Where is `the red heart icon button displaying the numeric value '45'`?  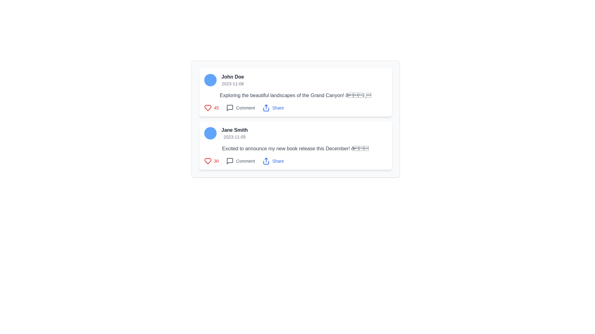
the red heart icon button displaying the numeric value '45' is located at coordinates (211, 107).